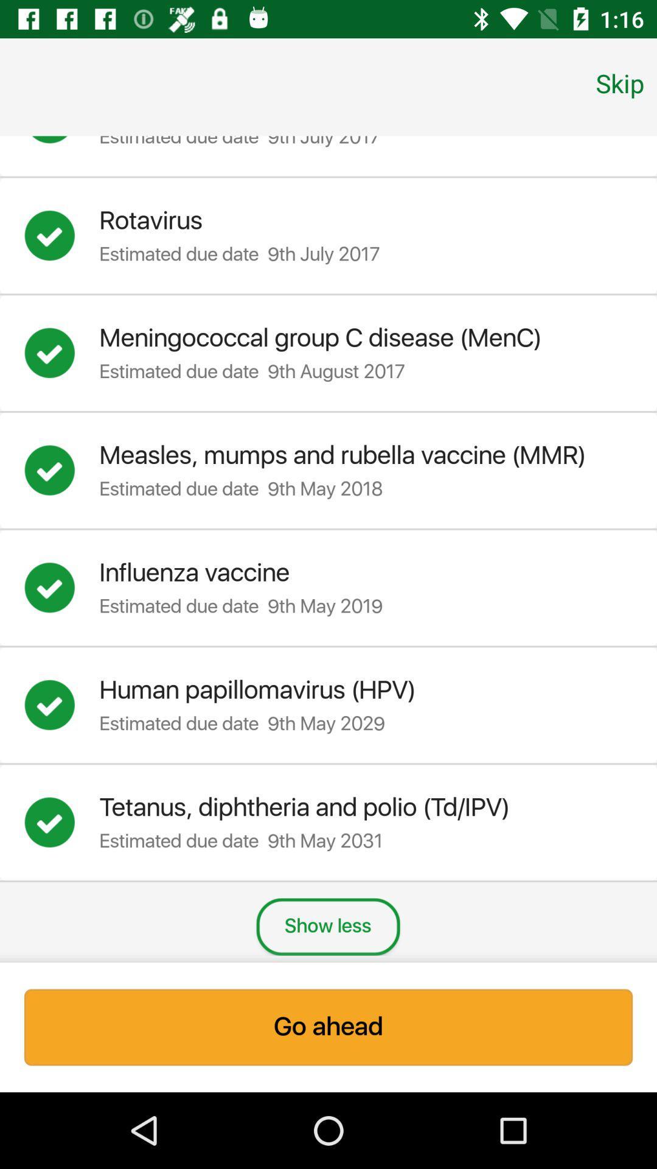  What do you see at coordinates (620, 82) in the screenshot?
I see `skip item` at bounding box center [620, 82].